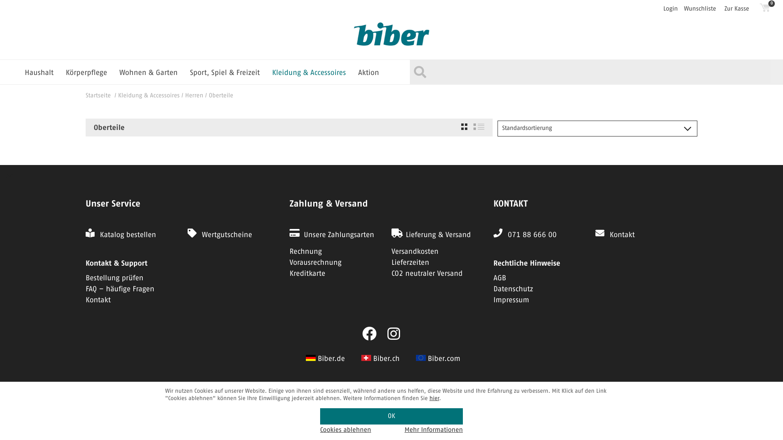  Describe the element at coordinates (702, 9) in the screenshot. I see `'Wunschliste'` at that location.